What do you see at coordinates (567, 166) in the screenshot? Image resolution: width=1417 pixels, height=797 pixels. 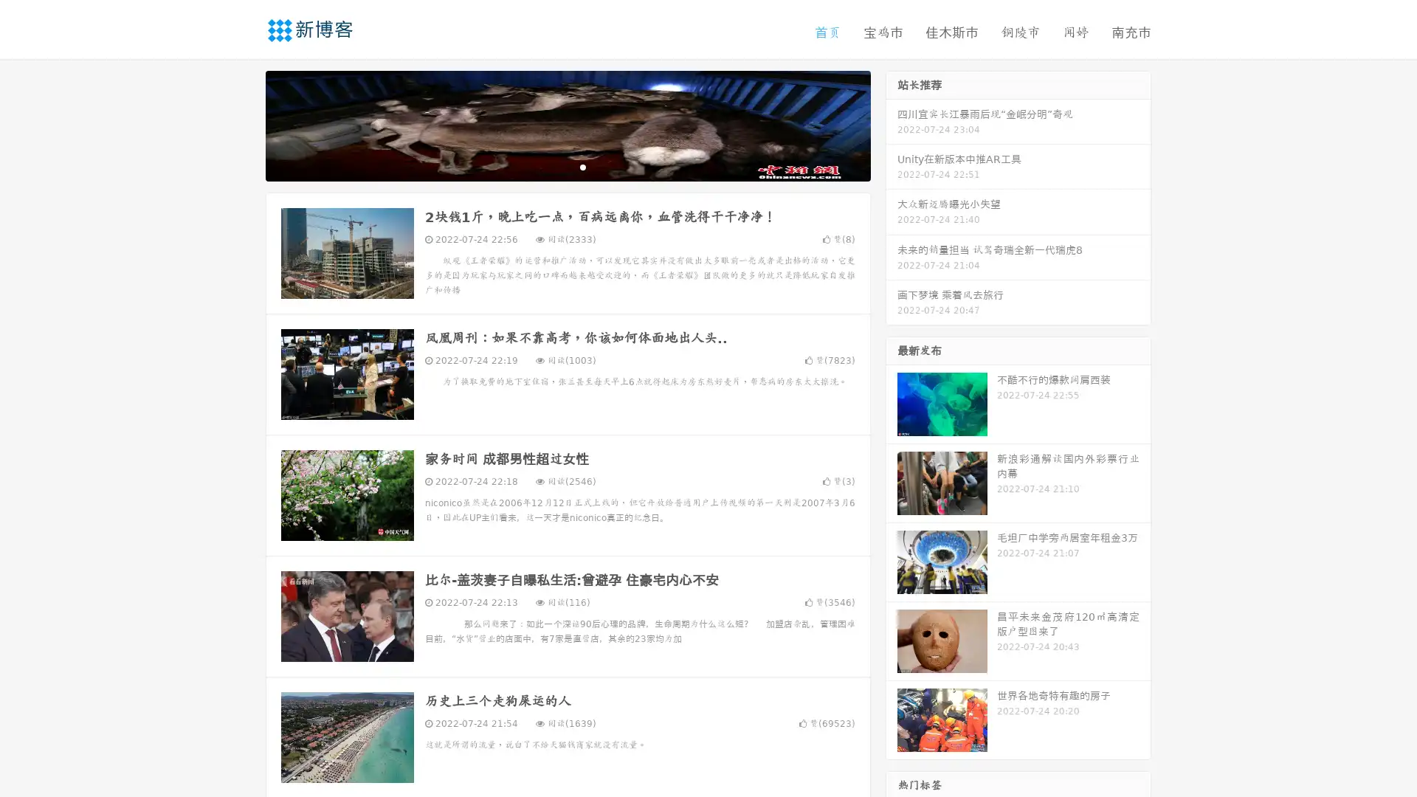 I see `Go to slide 2` at bounding box center [567, 166].